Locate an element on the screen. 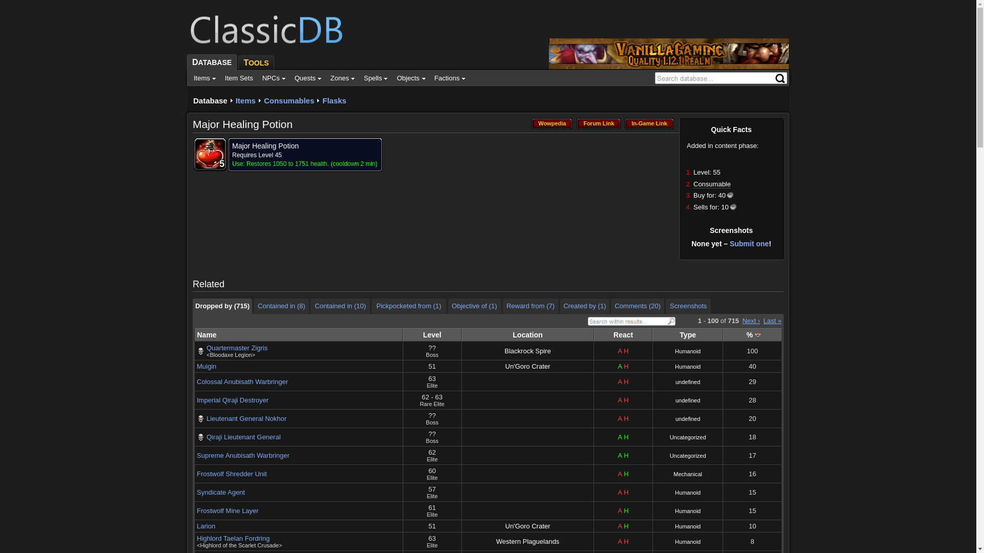  'Name' is located at coordinates (194, 335).